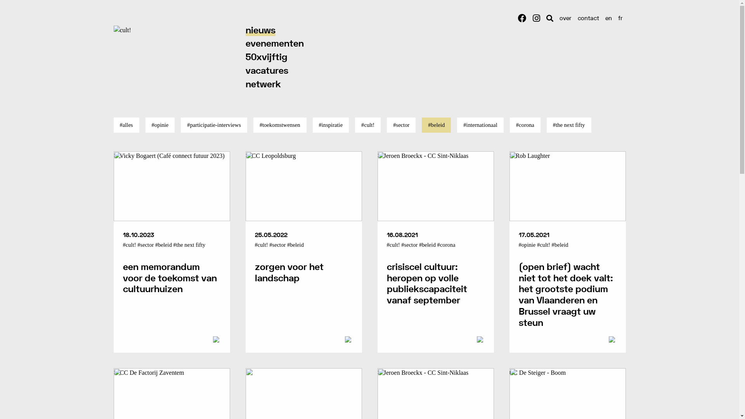 The width and height of the screenshot is (745, 419). What do you see at coordinates (436, 125) in the screenshot?
I see `'#beleid'` at bounding box center [436, 125].